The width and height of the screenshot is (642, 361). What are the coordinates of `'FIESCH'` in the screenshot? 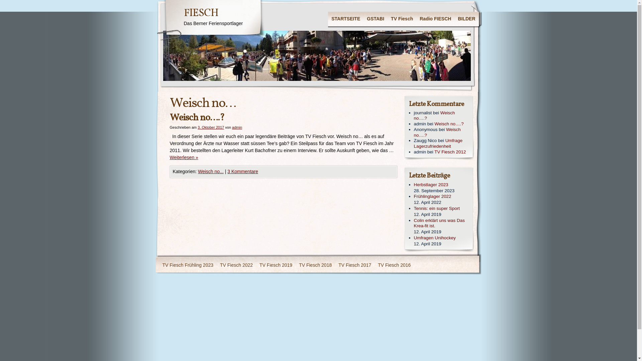 It's located at (201, 13).